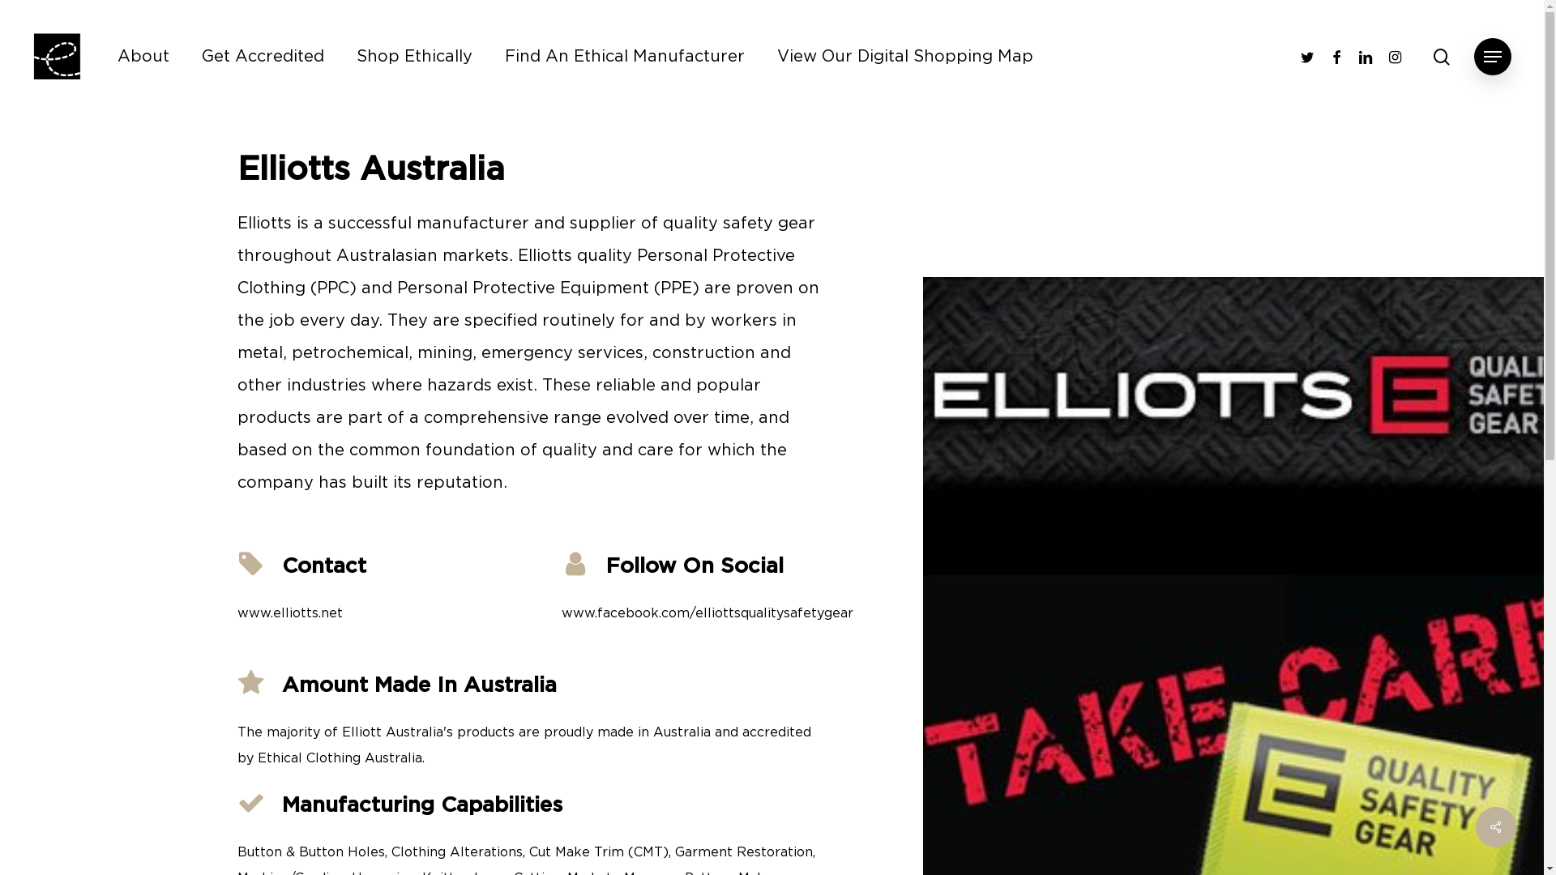 The image size is (1556, 875). Describe the element at coordinates (1350, 56) in the screenshot. I see `'linkedin'` at that location.